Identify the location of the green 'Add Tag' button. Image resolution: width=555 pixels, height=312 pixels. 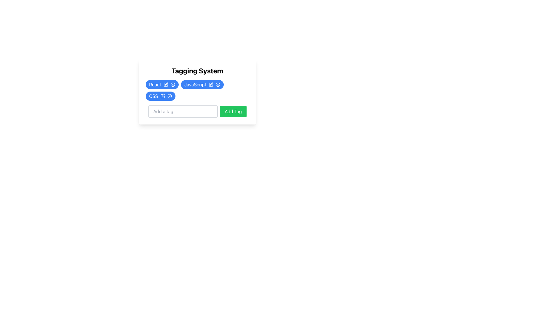
(233, 111).